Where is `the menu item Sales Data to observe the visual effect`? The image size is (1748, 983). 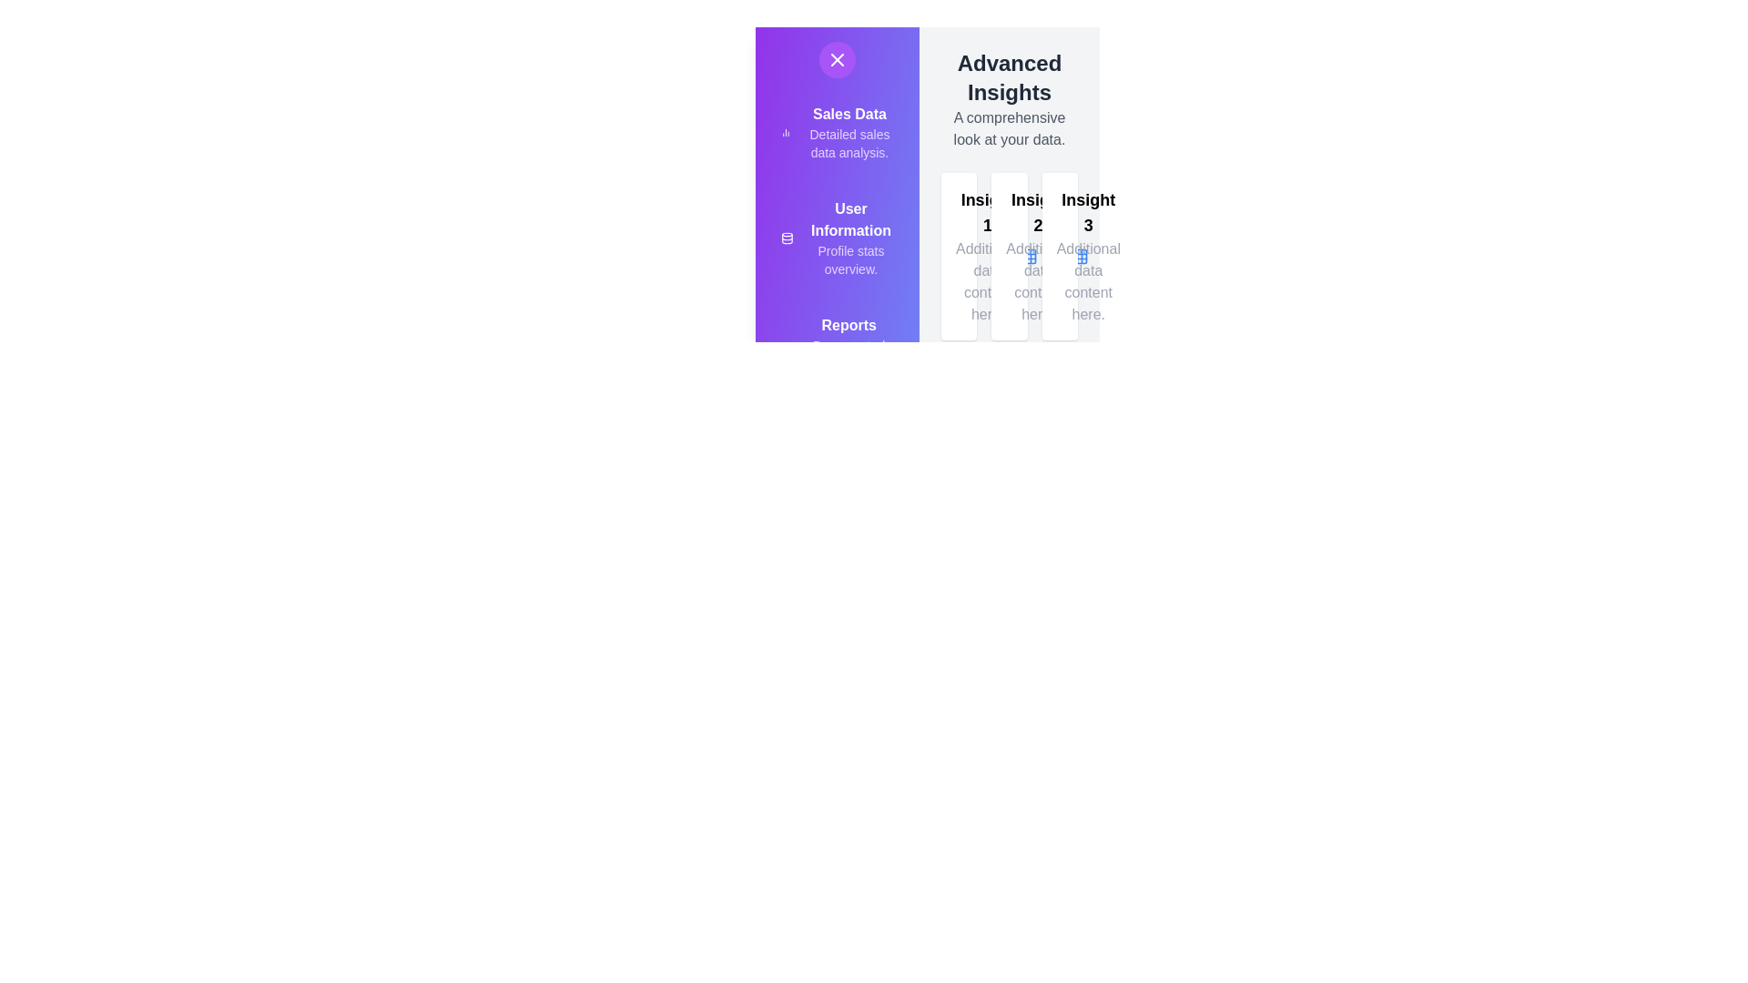
the menu item Sales Data to observe the visual effect is located at coordinates (773, 136).